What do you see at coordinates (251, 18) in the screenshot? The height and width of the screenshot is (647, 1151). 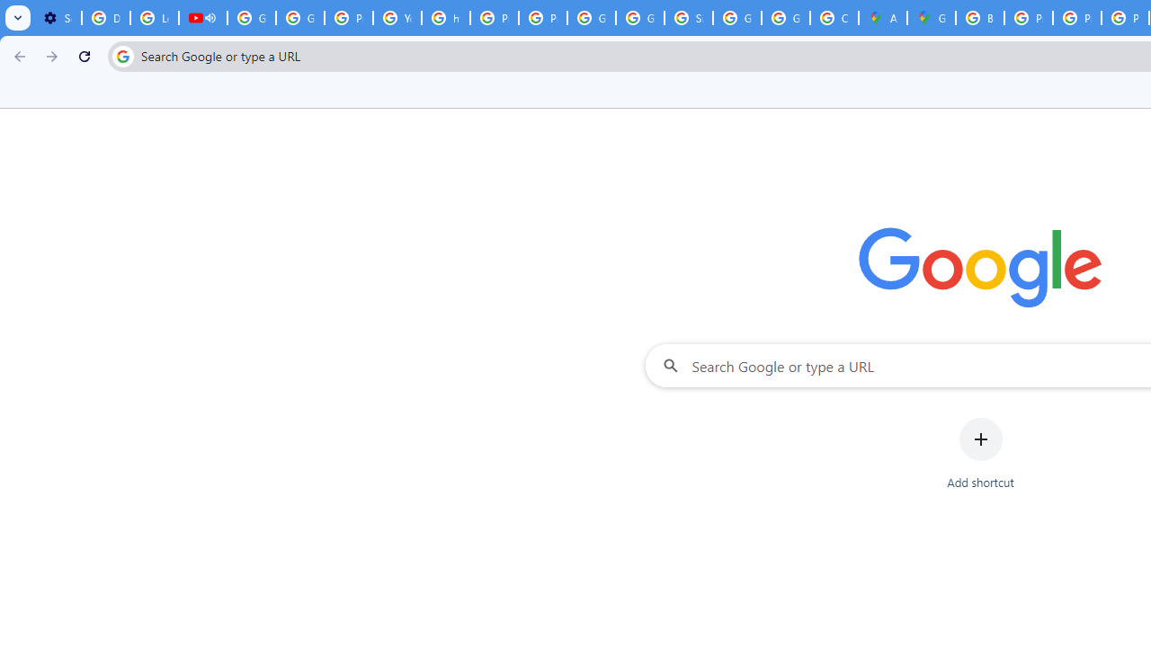 I see `'Google Account Help'` at bounding box center [251, 18].